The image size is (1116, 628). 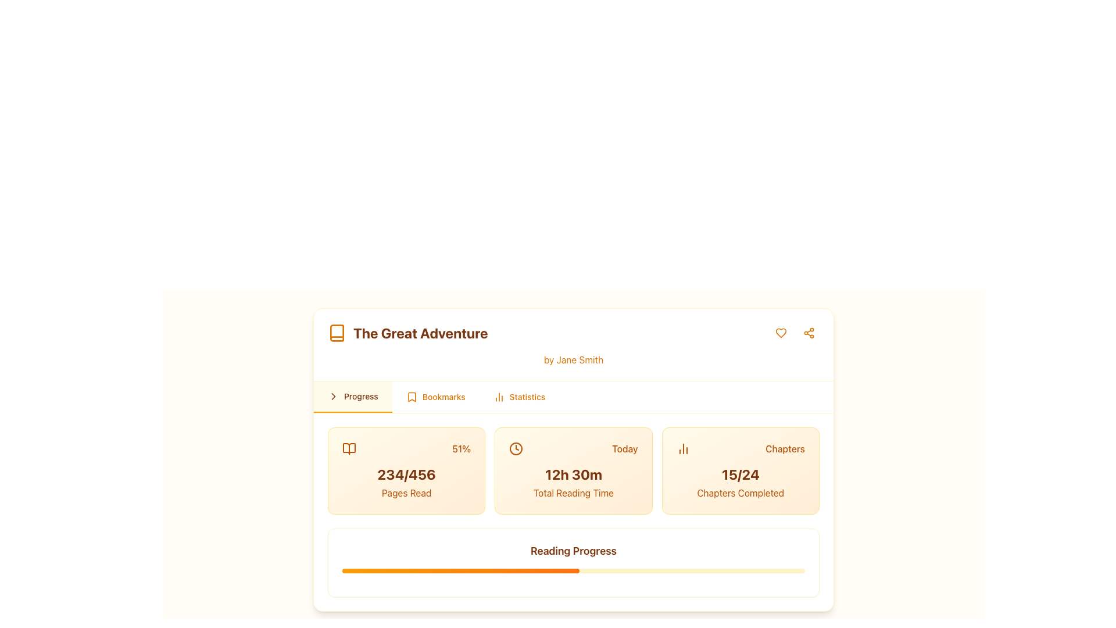 I want to click on the static text label indicating the total reading time '12h 30m', which serves as a descriptor for reading progress statistics, so click(x=574, y=493).